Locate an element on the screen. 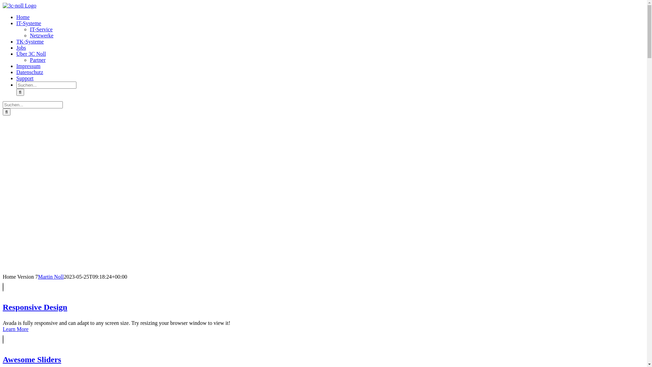 The width and height of the screenshot is (652, 367). 'Support' is located at coordinates (25, 78).